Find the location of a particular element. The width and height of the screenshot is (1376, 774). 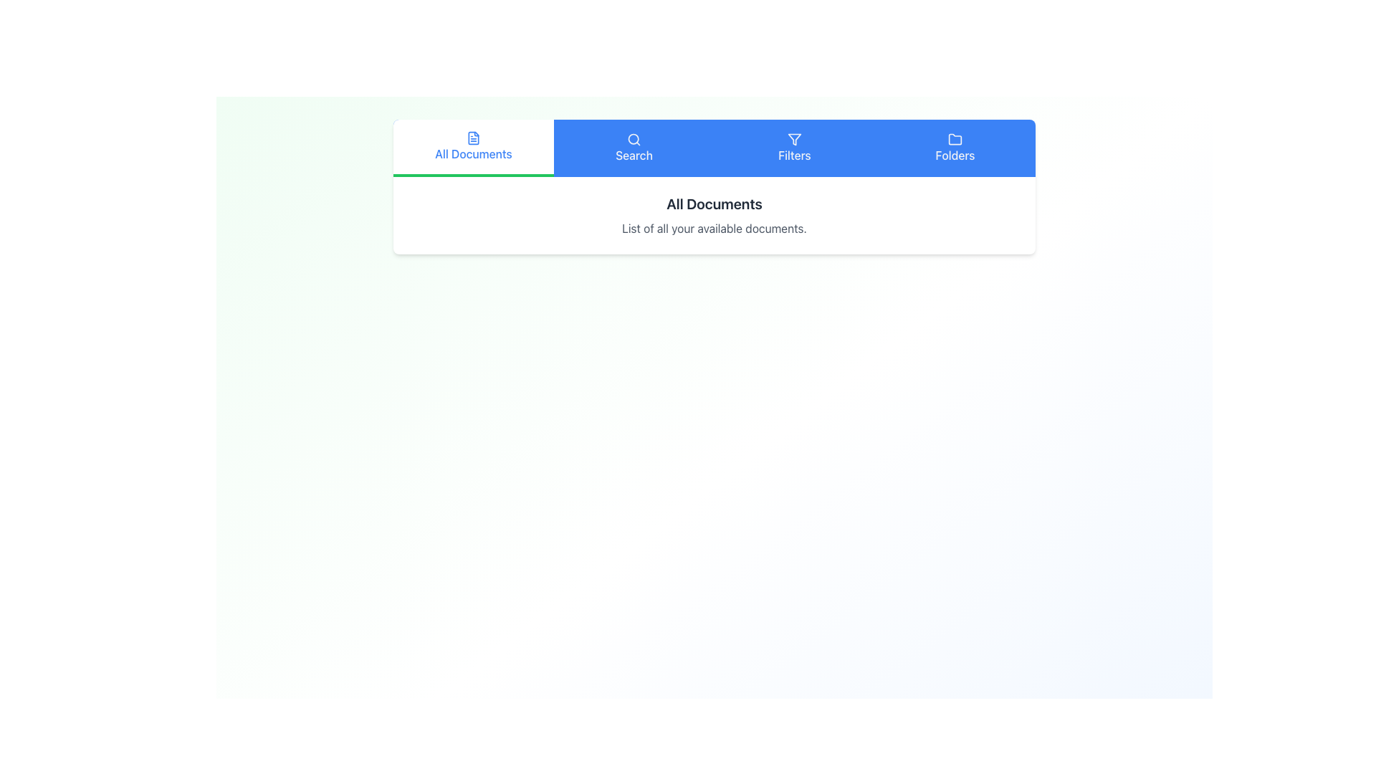

the navigation button for 'Folders' located in the top-central part of the interface by is located at coordinates (955, 148).